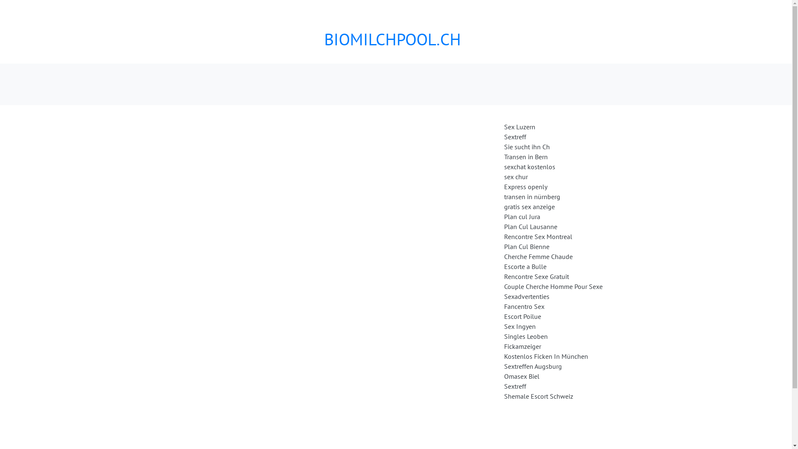  Describe the element at coordinates (525, 336) in the screenshot. I see `'Singles Leoben'` at that location.